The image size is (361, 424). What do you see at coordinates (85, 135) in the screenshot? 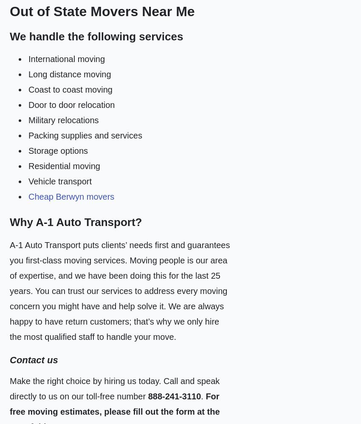
I see `'Packing supplies and services'` at bounding box center [85, 135].